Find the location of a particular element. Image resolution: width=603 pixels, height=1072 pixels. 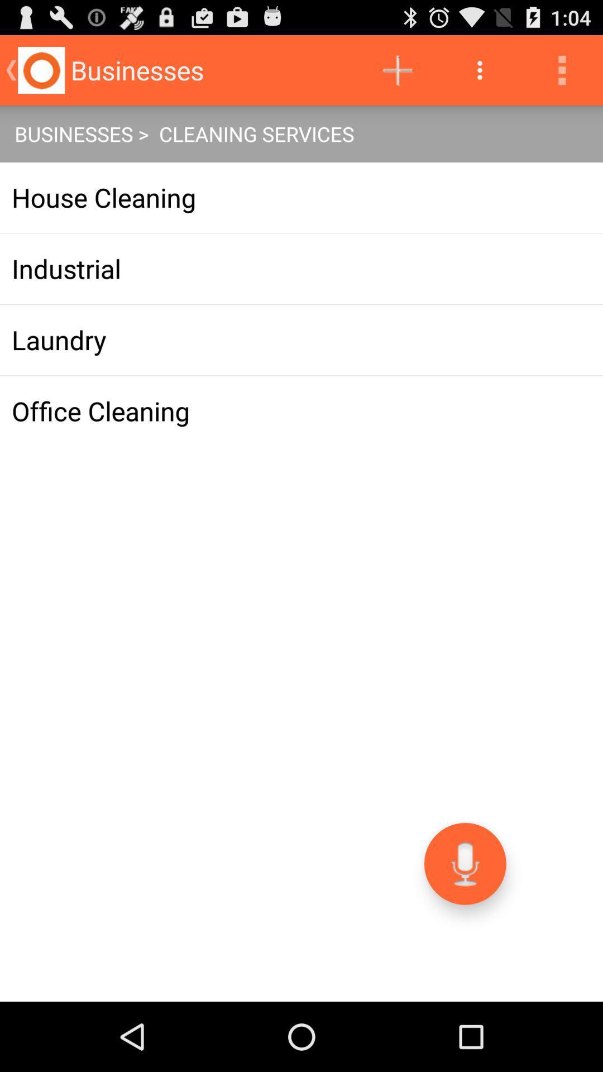

the laundry icon is located at coordinates (301, 339).